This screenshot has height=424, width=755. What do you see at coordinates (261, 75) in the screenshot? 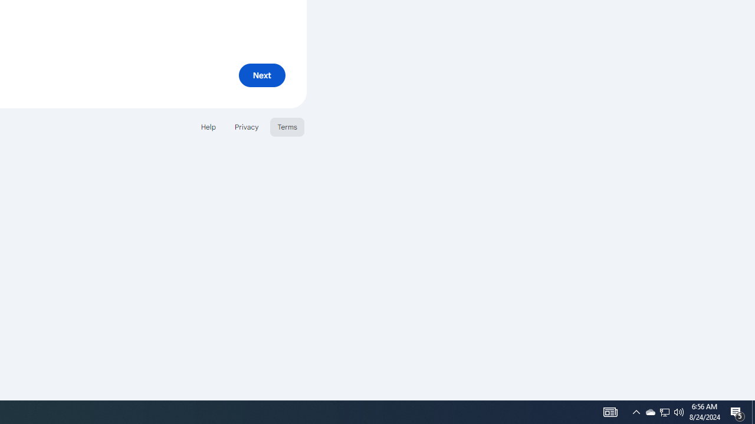
I see `'Next'` at bounding box center [261, 75].